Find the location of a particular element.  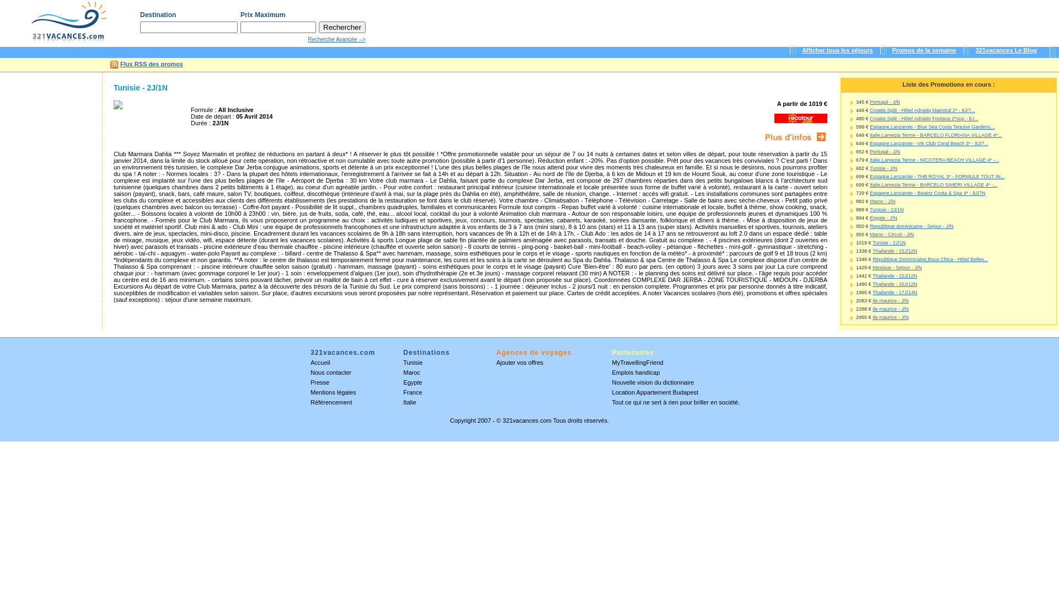

'Tunisie' is located at coordinates (412, 362).